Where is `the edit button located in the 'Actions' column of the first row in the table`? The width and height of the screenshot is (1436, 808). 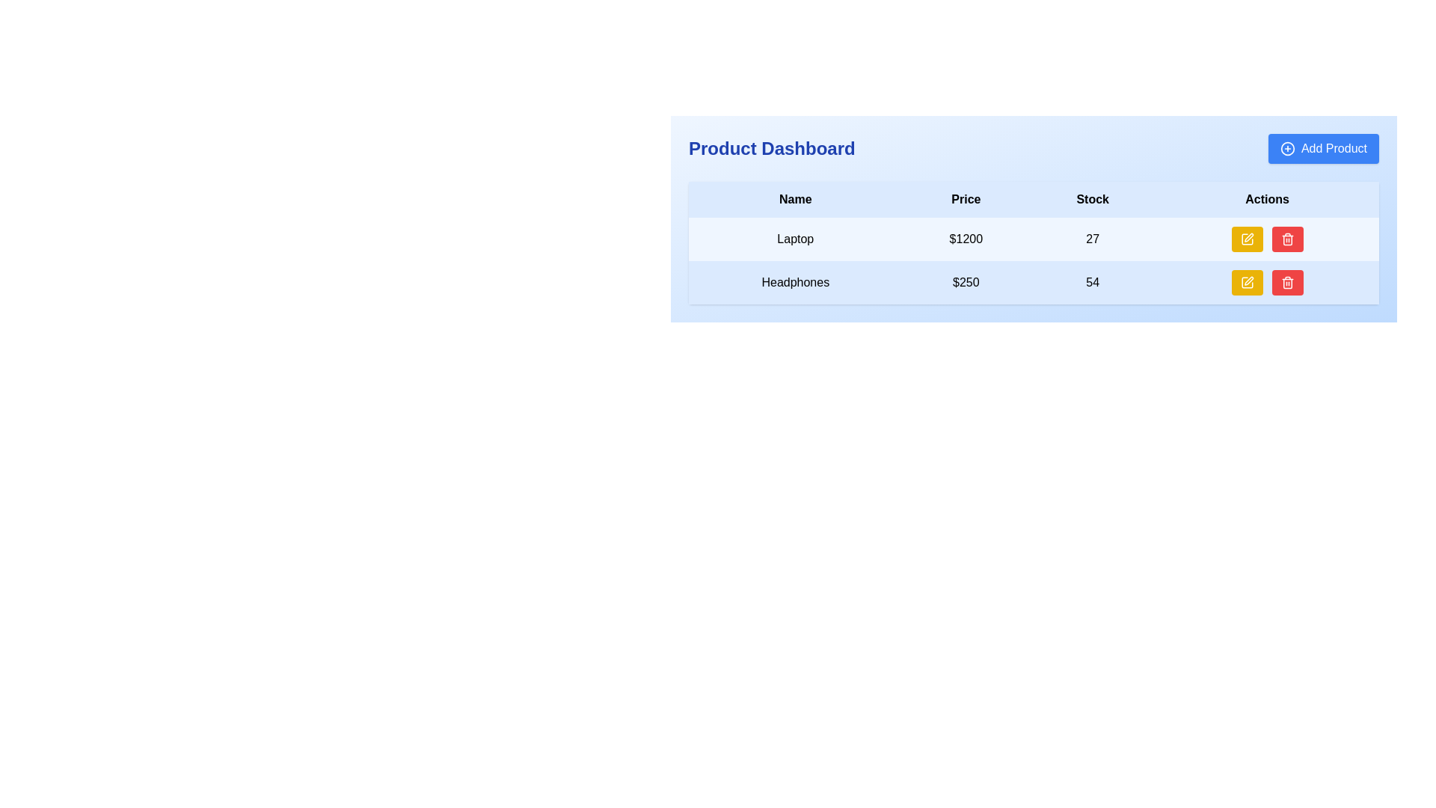
the edit button located in the 'Actions' column of the first row in the table is located at coordinates (1246, 239).